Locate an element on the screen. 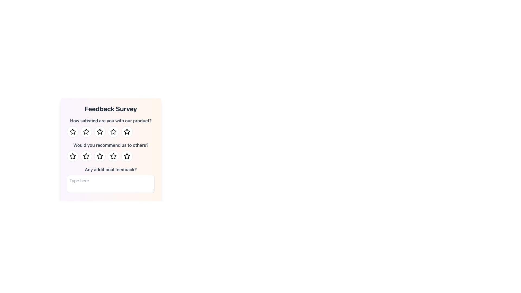 The image size is (521, 293). the second star-shaped clickable icon in the feedback survey is located at coordinates (100, 132).